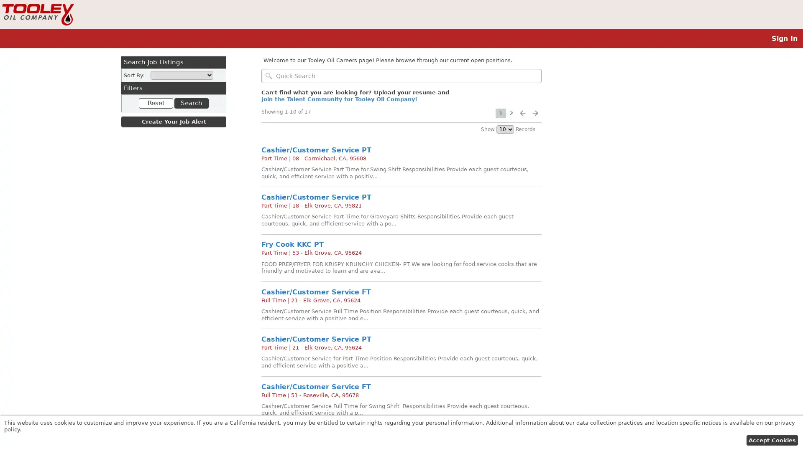  What do you see at coordinates (190, 102) in the screenshot?
I see `Search` at bounding box center [190, 102].